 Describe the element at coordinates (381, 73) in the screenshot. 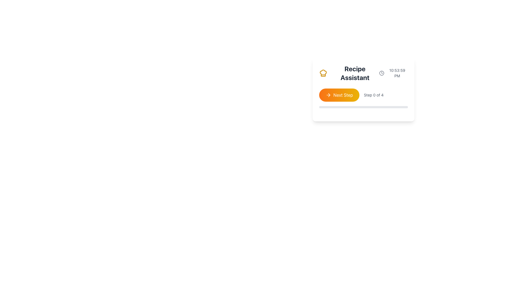

I see `the clock icon located in the upper-right corner of the card, which features a minimalistic design with clock hands pointing to specific positions` at that location.